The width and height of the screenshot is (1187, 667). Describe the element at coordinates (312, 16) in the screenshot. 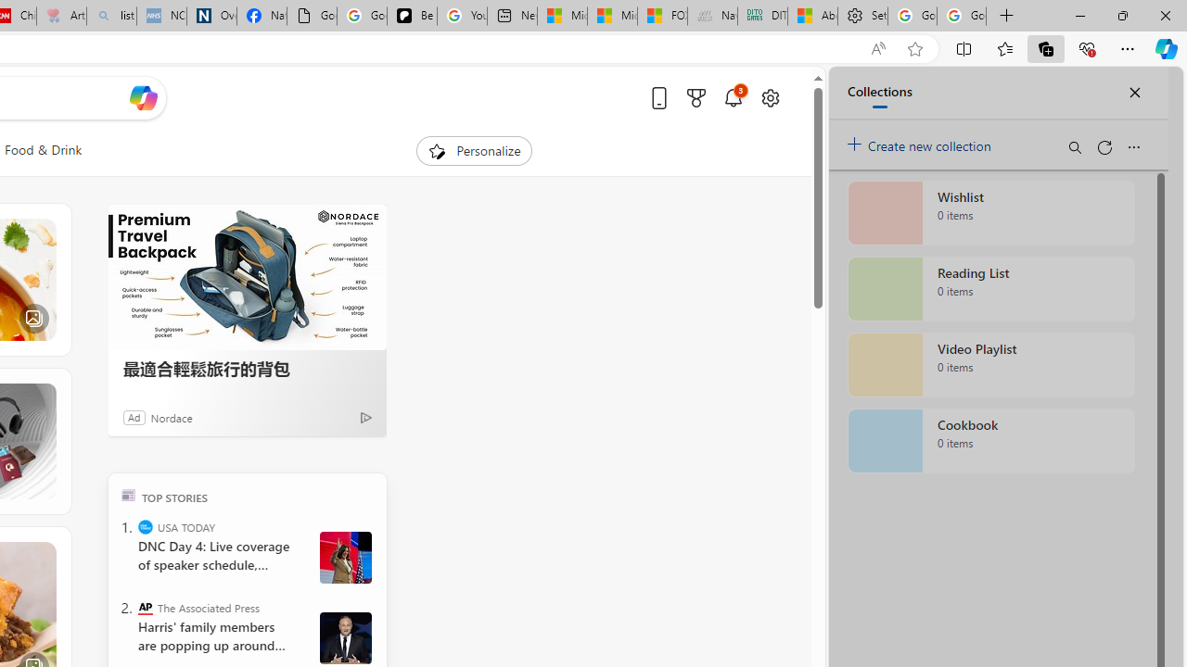

I see `'Google Analytics Opt-out Browser Add-on Download Page'` at that location.